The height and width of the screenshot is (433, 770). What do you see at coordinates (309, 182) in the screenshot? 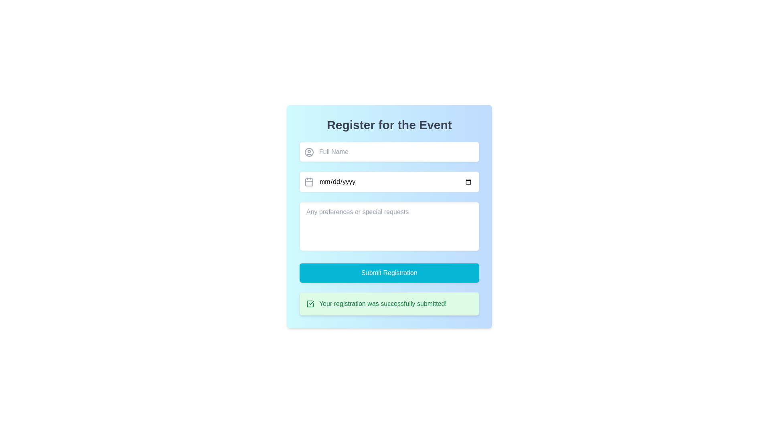
I see `the calendar icon located to the left of the text input field labeled 'mm/dd/yyyy'` at bounding box center [309, 182].